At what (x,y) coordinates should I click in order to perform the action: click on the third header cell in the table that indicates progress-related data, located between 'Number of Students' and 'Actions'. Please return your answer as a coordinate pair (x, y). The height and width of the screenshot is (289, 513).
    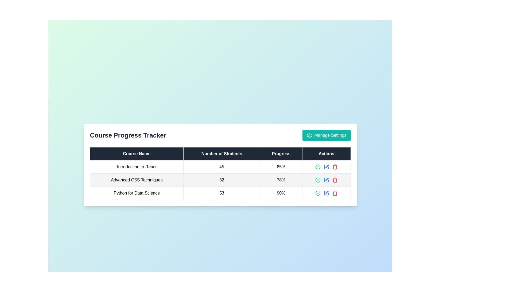
    Looking at the image, I should click on (281, 154).